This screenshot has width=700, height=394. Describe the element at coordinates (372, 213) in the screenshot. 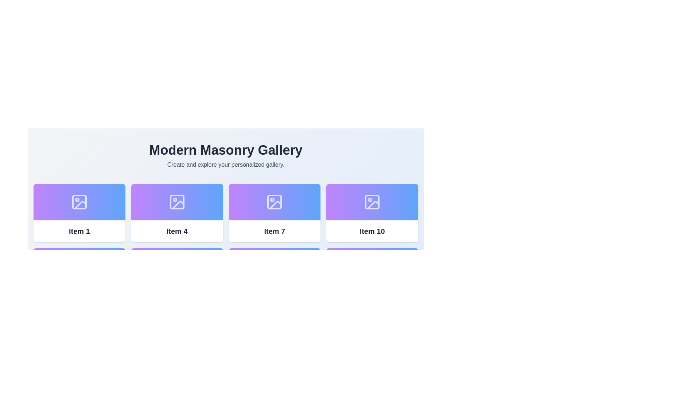

I see `the fourth tile in the top row of the masonry gallery layout` at that location.